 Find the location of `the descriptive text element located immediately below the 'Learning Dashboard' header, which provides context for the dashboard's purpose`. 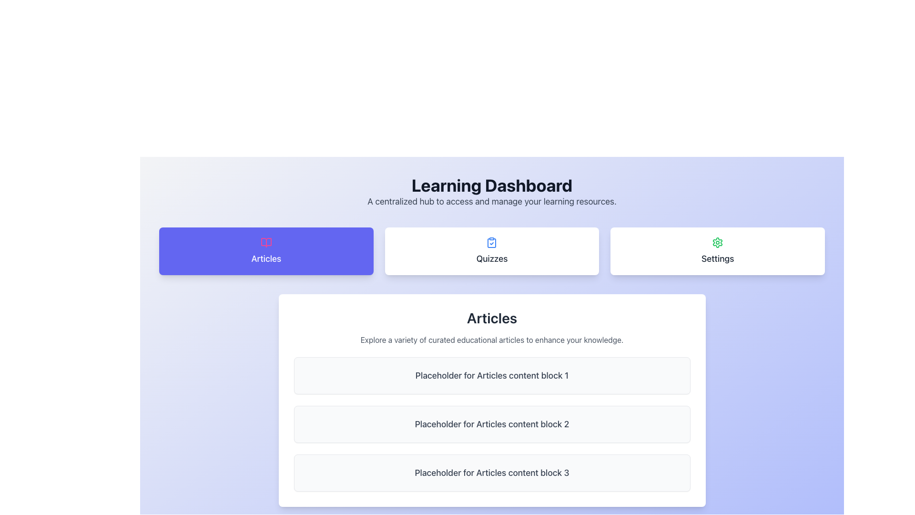

the descriptive text element located immediately below the 'Learning Dashboard' header, which provides context for the dashboard's purpose is located at coordinates (492, 201).